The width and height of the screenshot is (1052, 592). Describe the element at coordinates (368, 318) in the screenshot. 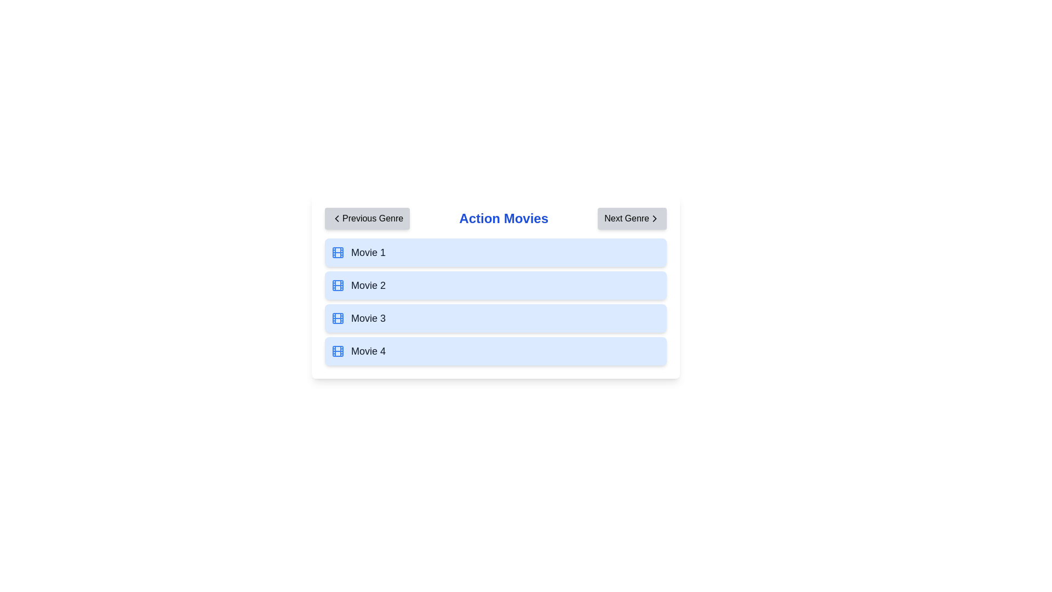

I see `the text label 'Movie 3', which is styled with a large-sized font in medium weight, dark gray color, and is located within a rounded panel under the 'Action Movies' heading` at that location.